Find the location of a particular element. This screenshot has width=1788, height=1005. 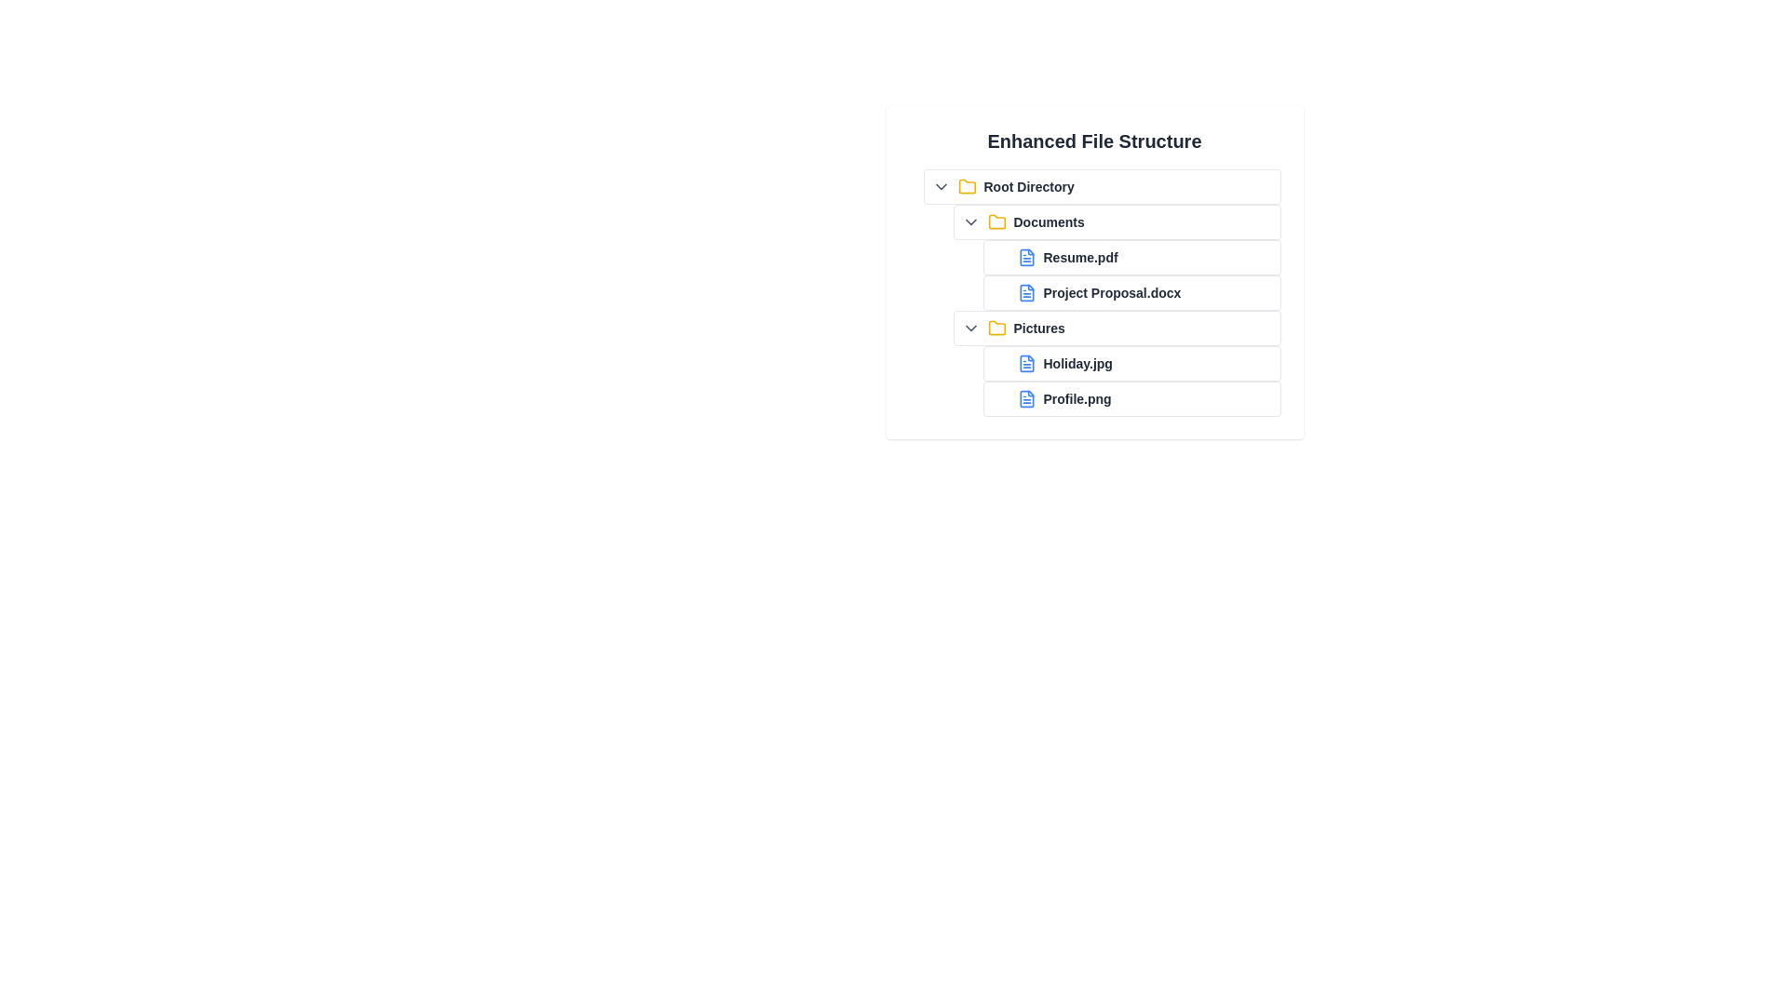

the text label displaying 'Resume.pdf' styled with a gray, bold font, located within the 'Documents' folder is located at coordinates (1109, 258).